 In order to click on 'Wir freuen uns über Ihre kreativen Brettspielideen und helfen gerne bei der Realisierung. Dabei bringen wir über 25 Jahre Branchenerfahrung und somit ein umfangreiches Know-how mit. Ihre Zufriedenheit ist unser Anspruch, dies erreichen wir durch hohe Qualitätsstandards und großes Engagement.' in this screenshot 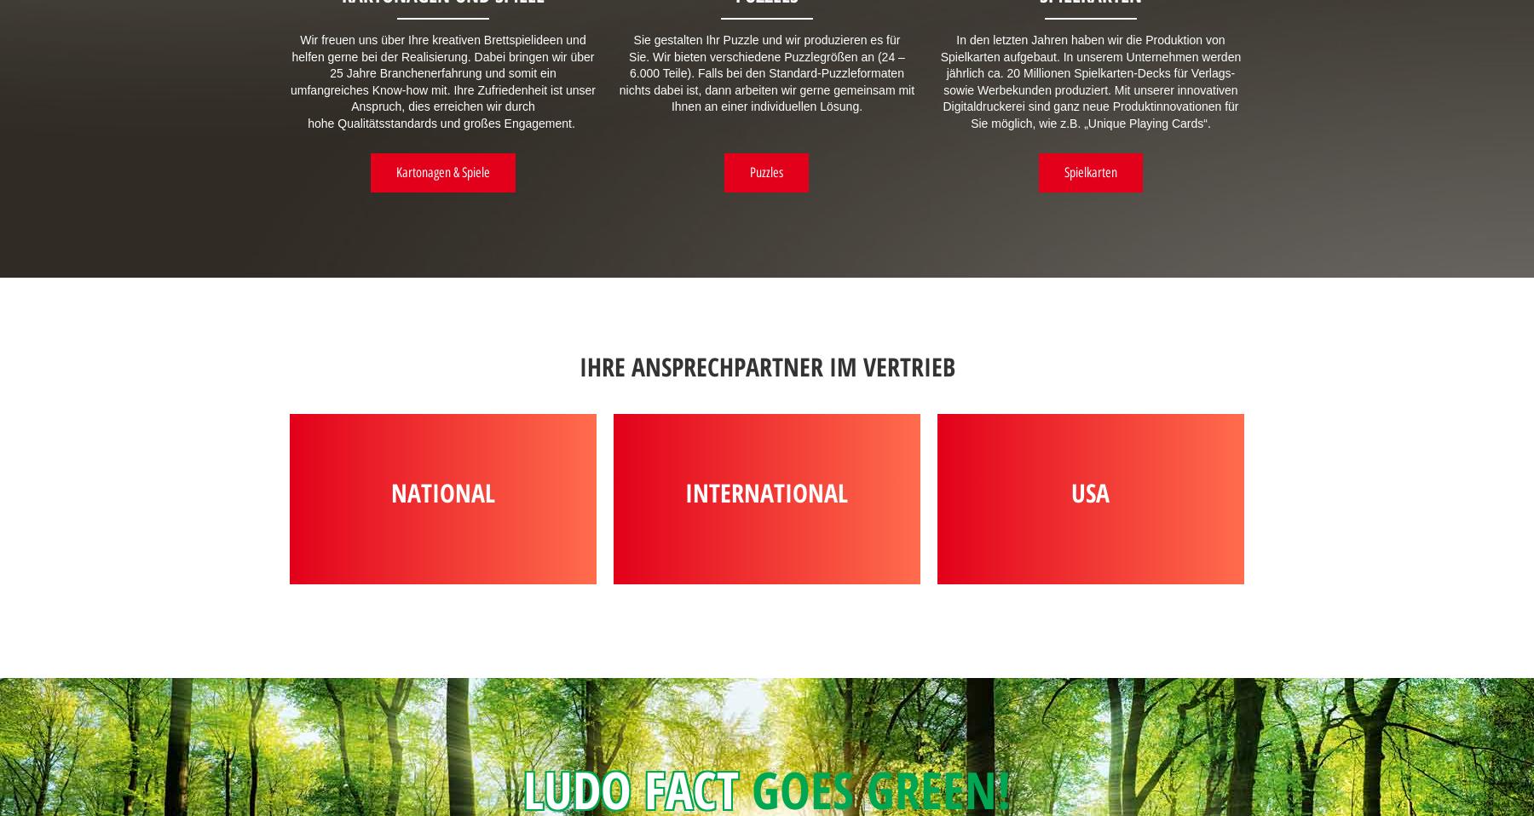, I will do `click(441, 81)`.